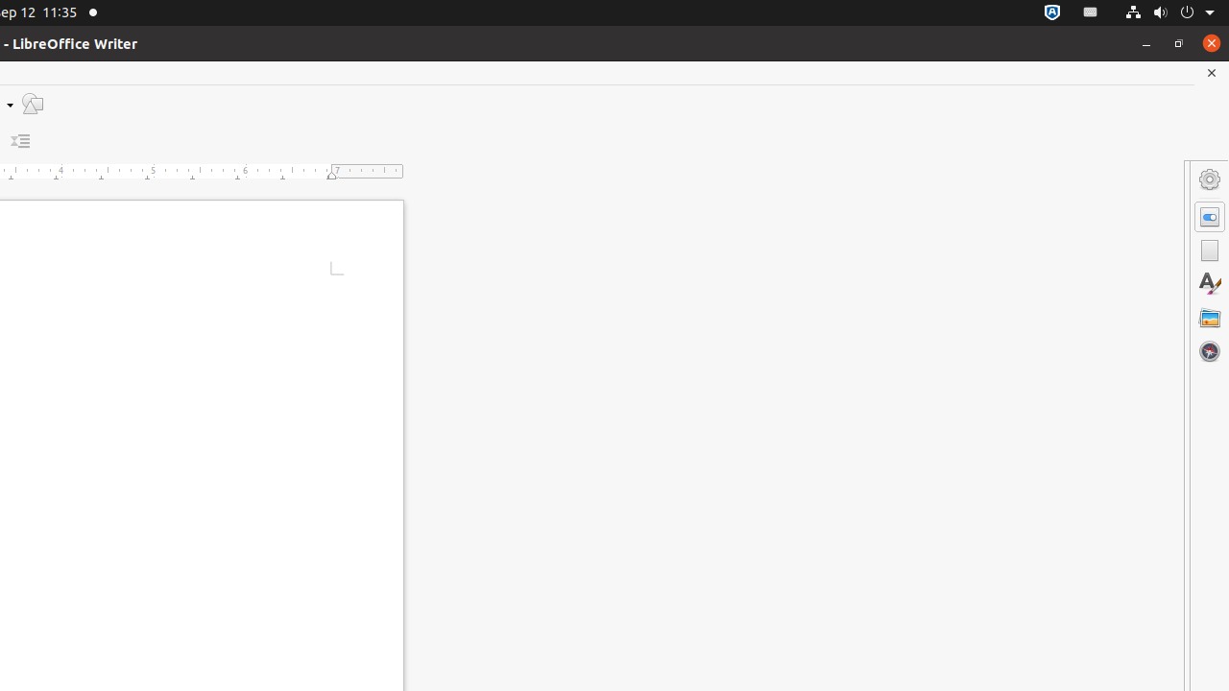 The width and height of the screenshot is (1229, 691). Describe the element at coordinates (1050, 12) in the screenshot. I see `':1.72/StatusNotifierItem'` at that location.